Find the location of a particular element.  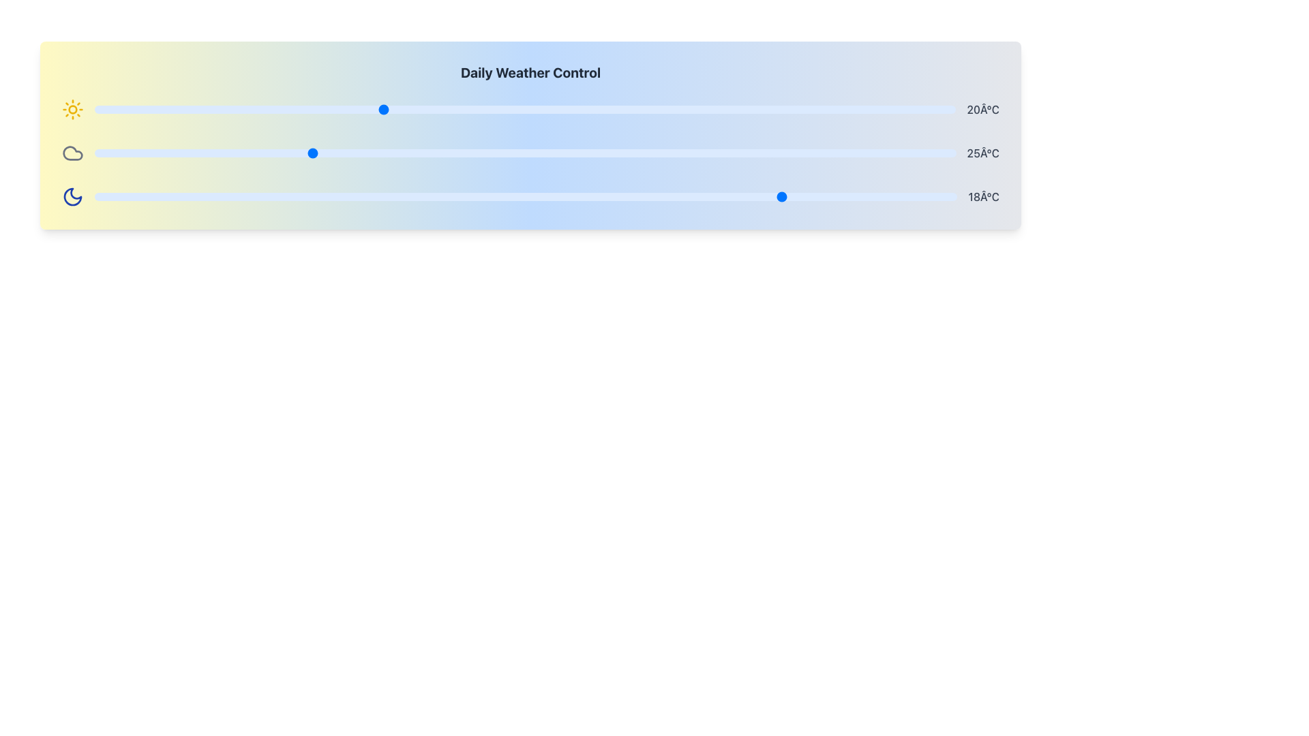

the third icon in the vertical row of weather-related icons on the left side of the interface, which serves as a visual indicator of the evening or nighttime temperature is located at coordinates (72, 197).